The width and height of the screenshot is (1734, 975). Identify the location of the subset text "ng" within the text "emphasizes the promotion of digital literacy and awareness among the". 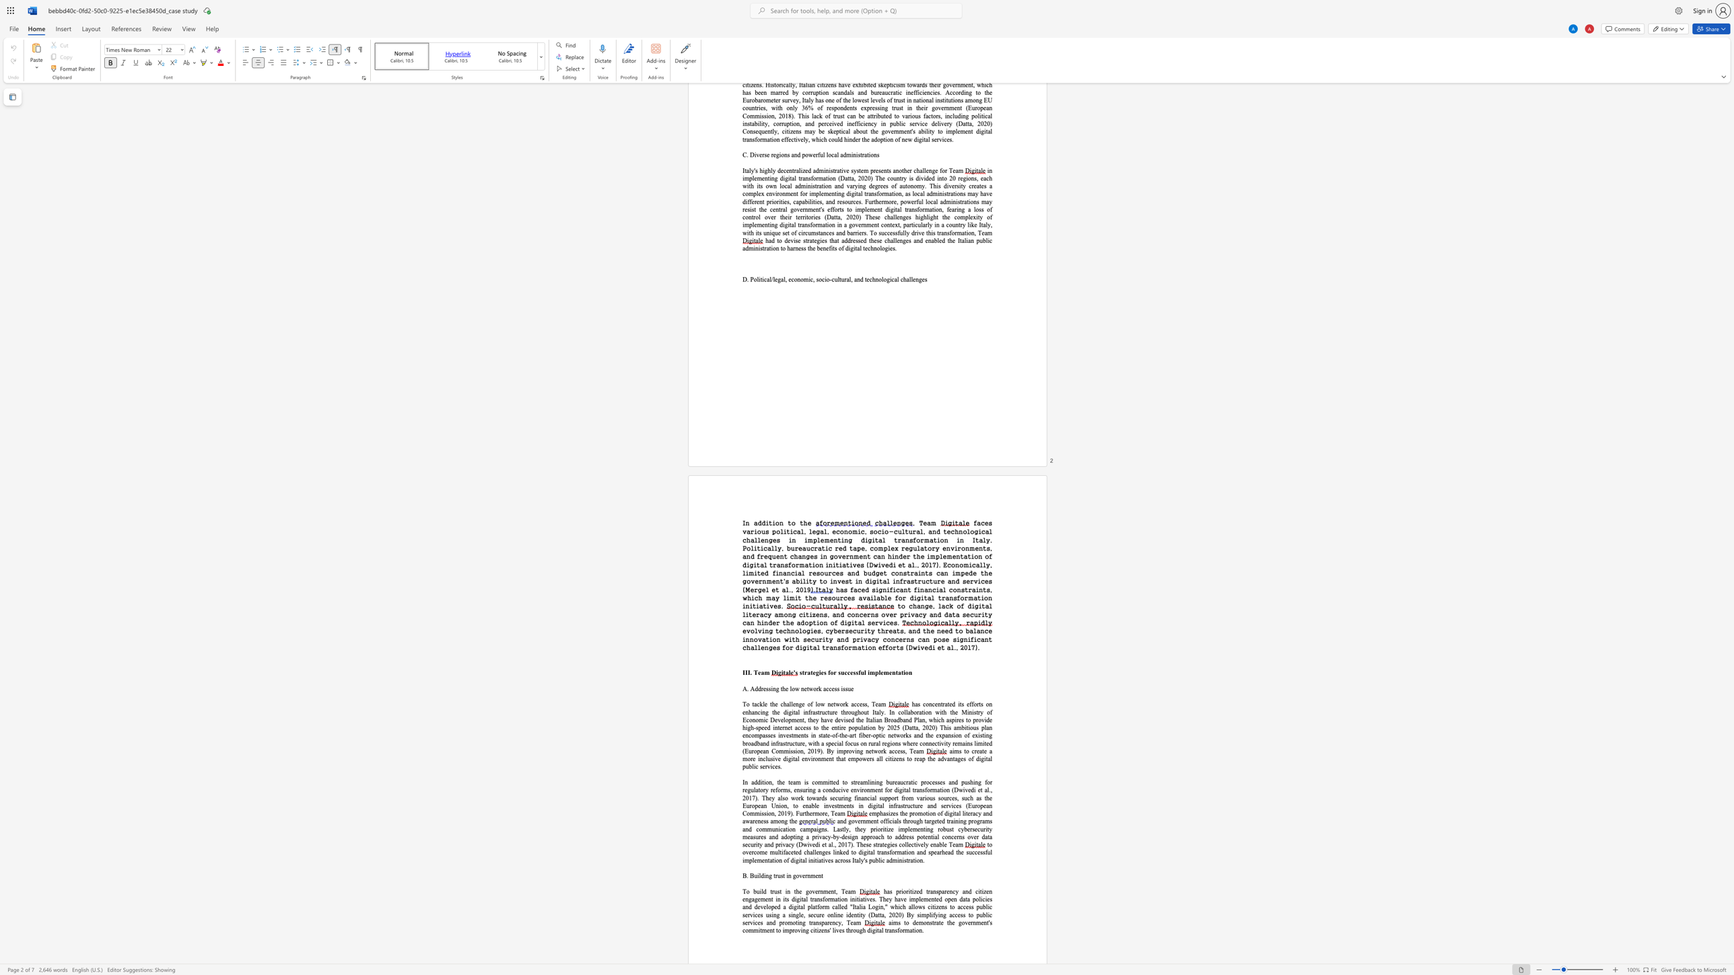
(781, 821).